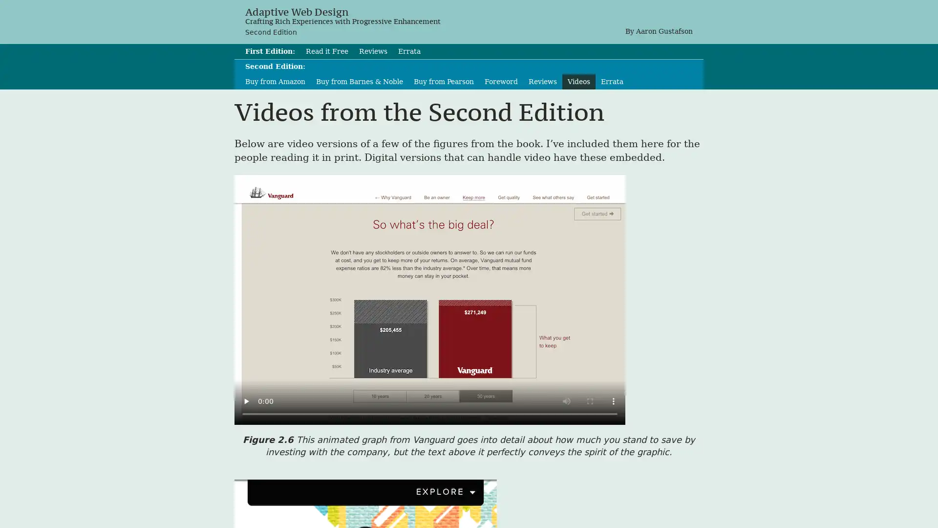  Describe the element at coordinates (590, 401) in the screenshot. I see `enter full screen` at that location.